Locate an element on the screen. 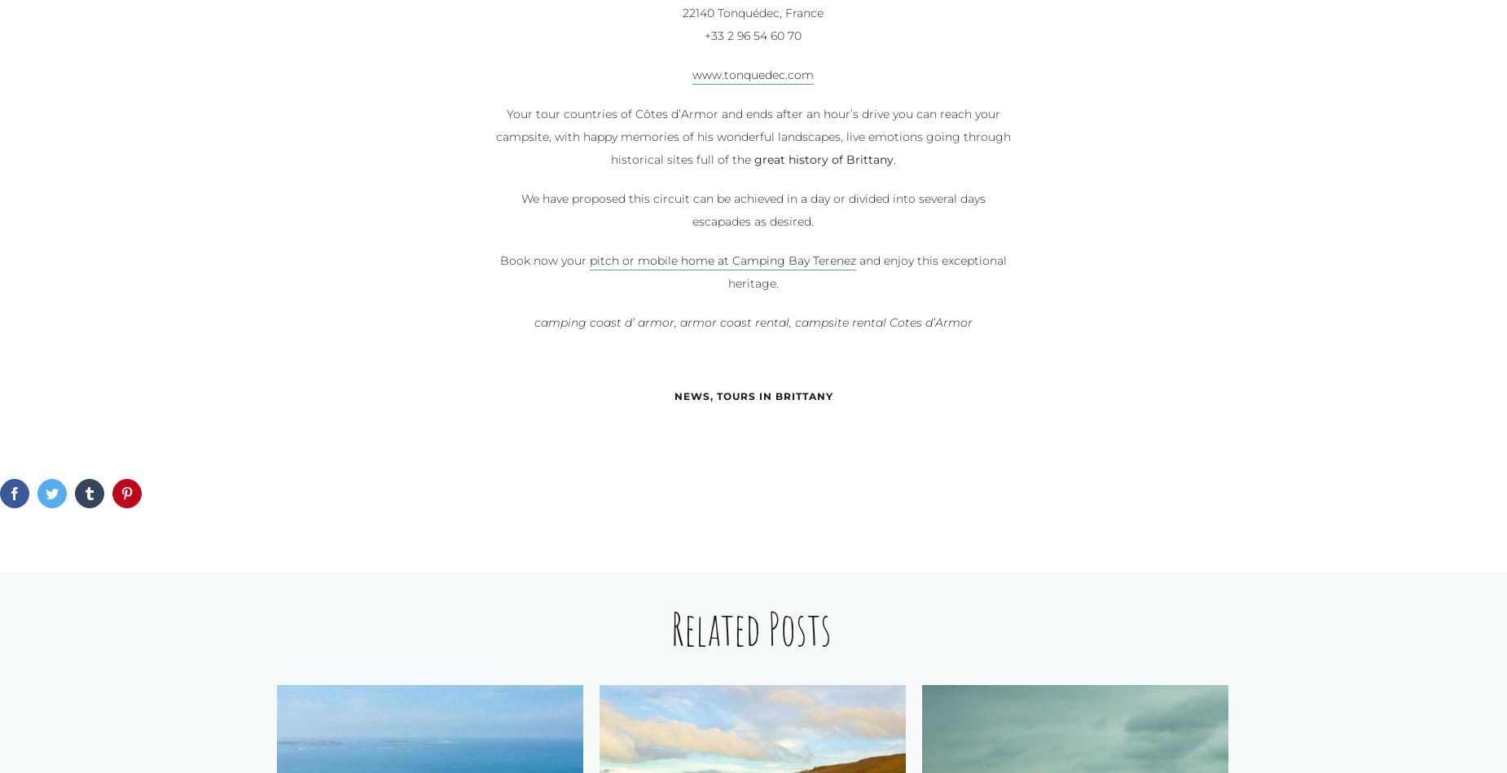  'and enjoy this exceptional heritage.' is located at coordinates (865, 272).